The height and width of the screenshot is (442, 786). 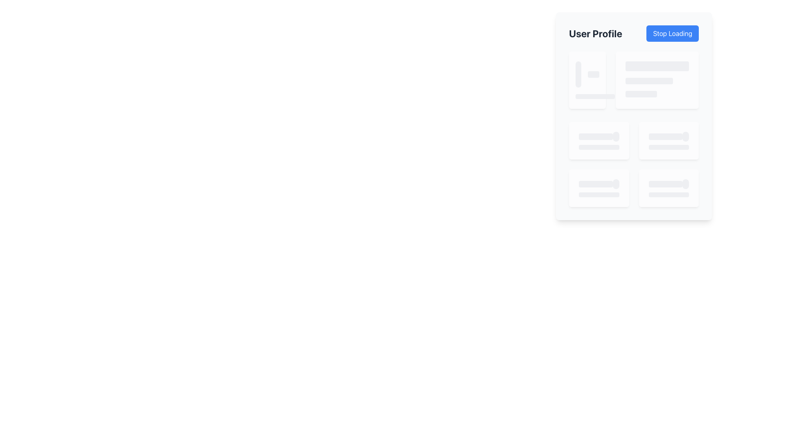 What do you see at coordinates (615, 184) in the screenshot?
I see `the slider value` at bounding box center [615, 184].